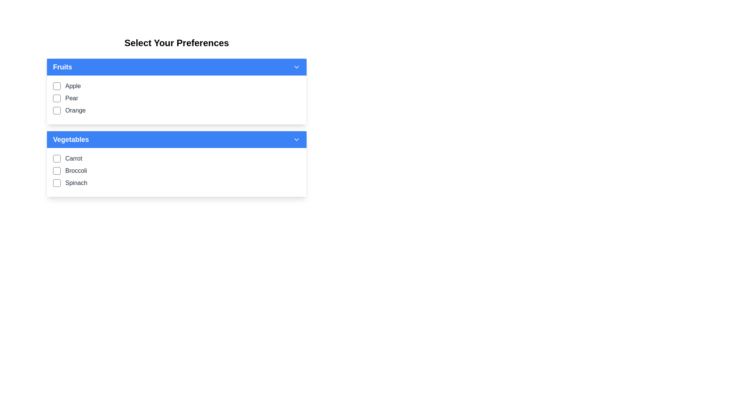 This screenshot has height=412, width=733. What do you see at coordinates (176, 140) in the screenshot?
I see `the 'Vegetables' dropdown header element for keyboard navigation` at bounding box center [176, 140].